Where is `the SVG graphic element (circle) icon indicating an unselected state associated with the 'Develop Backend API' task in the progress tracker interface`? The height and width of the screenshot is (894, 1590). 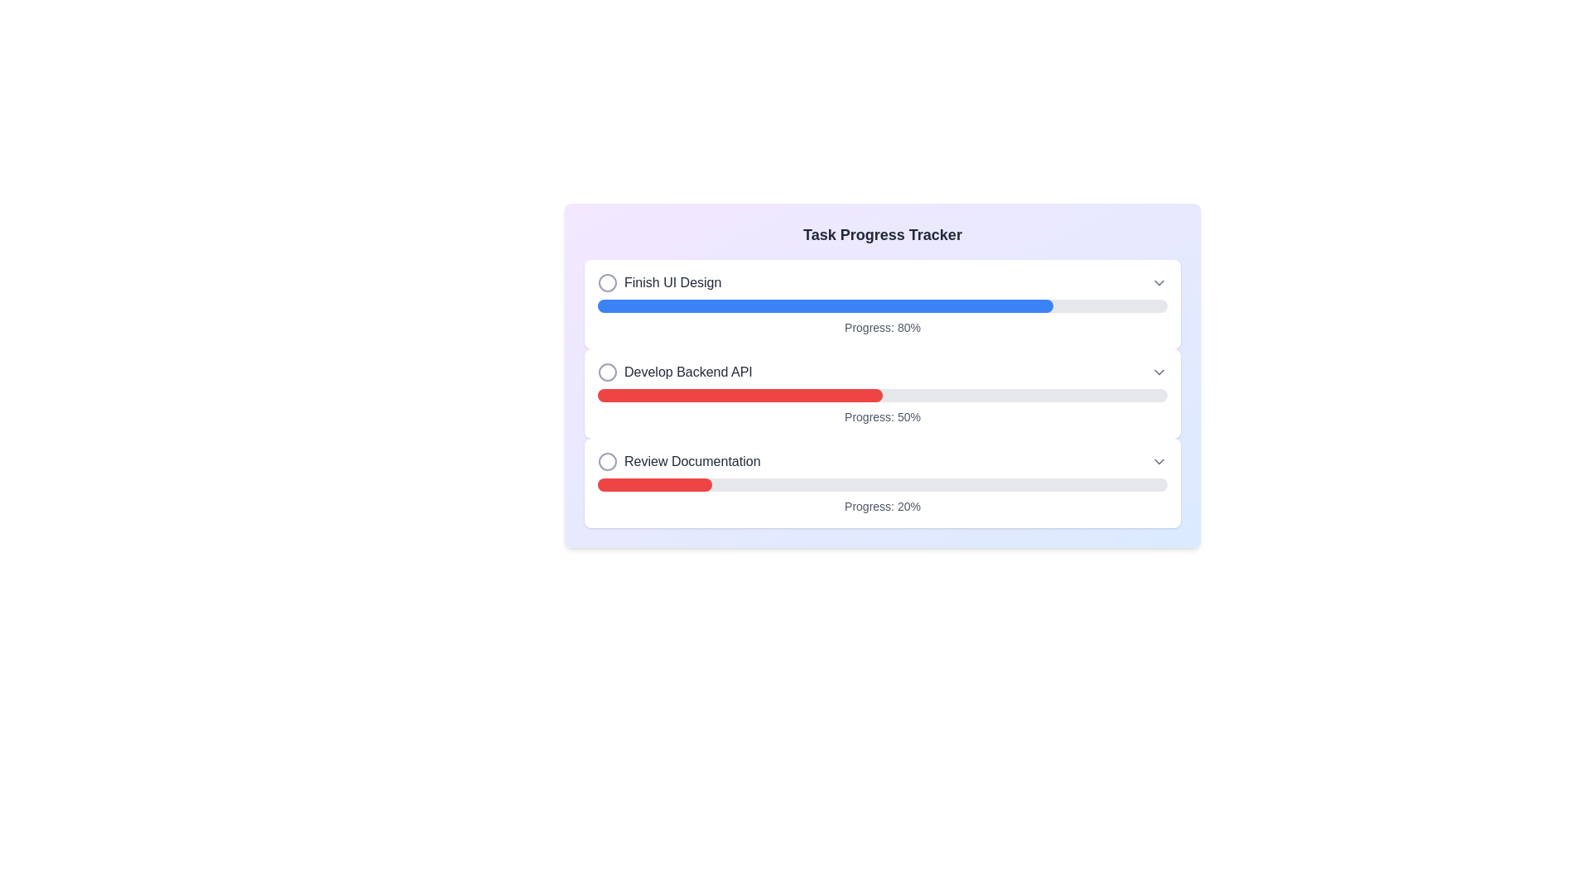 the SVG graphic element (circle) icon indicating an unselected state associated with the 'Develop Backend API' task in the progress tracker interface is located at coordinates (607, 372).